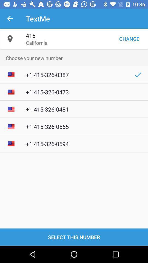 This screenshot has height=263, width=148. Describe the element at coordinates (129, 38) in the screenshot. I see `item next to california` at that location.